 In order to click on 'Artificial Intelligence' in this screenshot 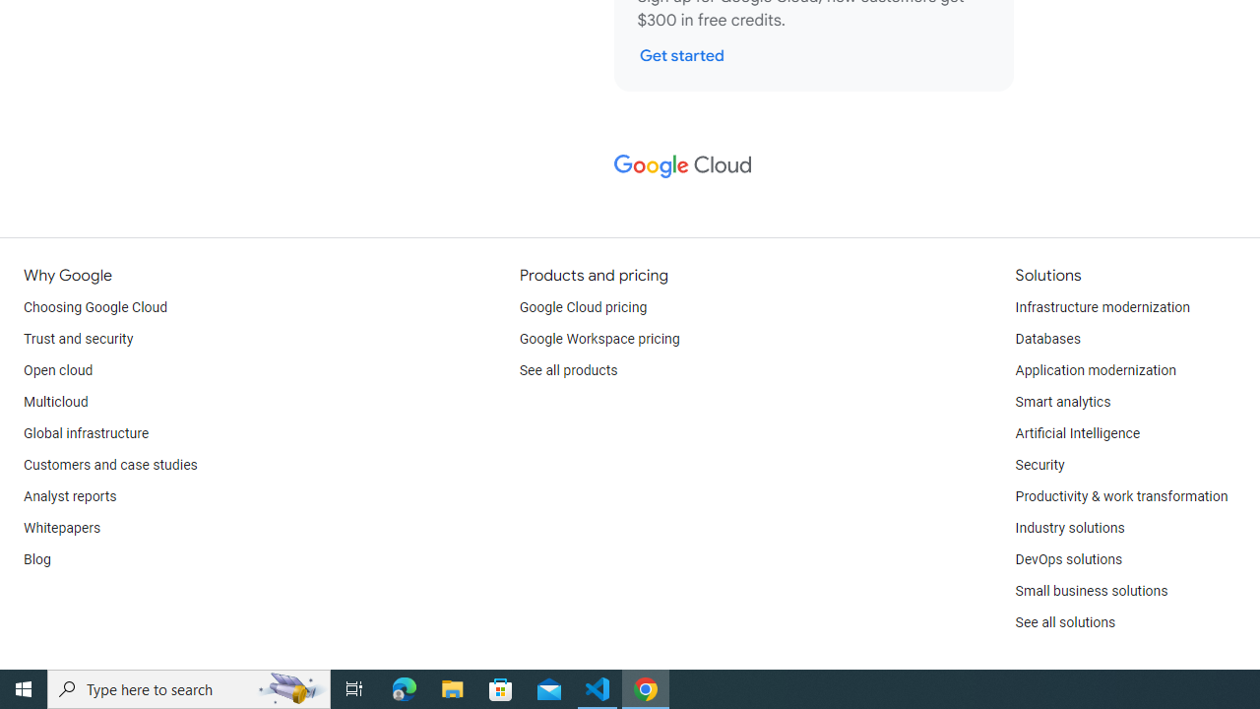, I will do `click(1076, 433)`.